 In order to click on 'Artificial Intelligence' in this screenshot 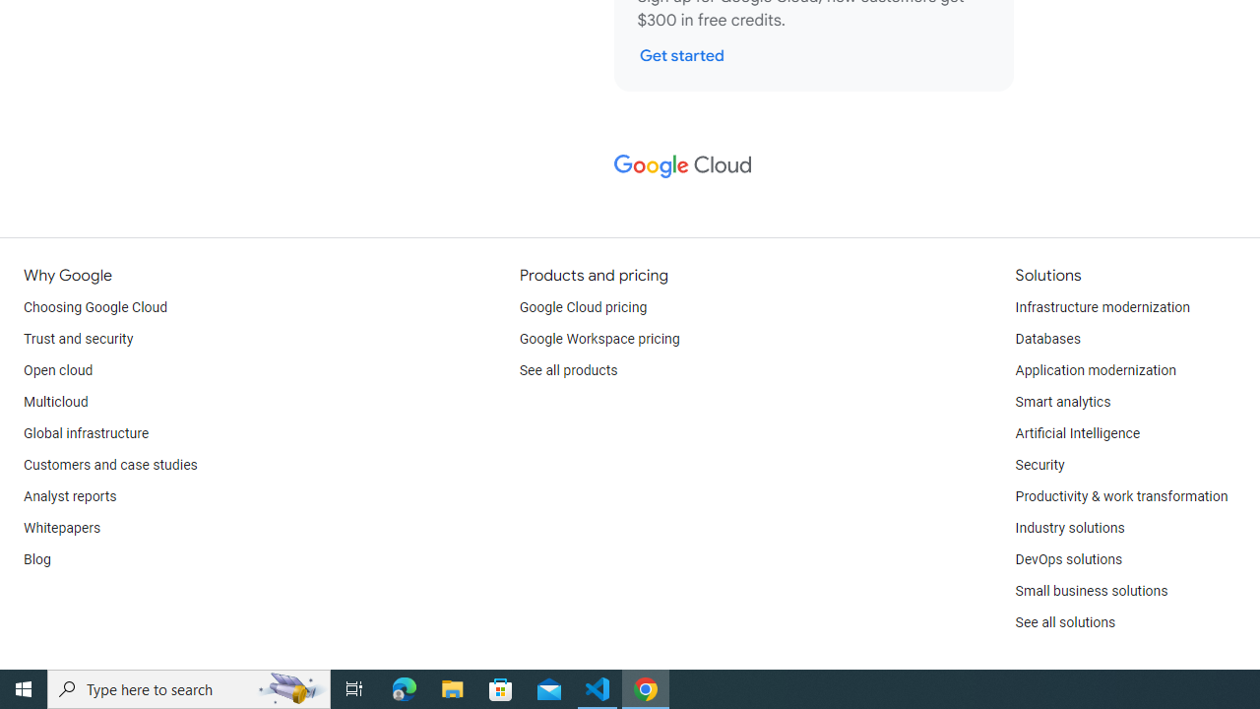, I will do `click(1076, 433)`.